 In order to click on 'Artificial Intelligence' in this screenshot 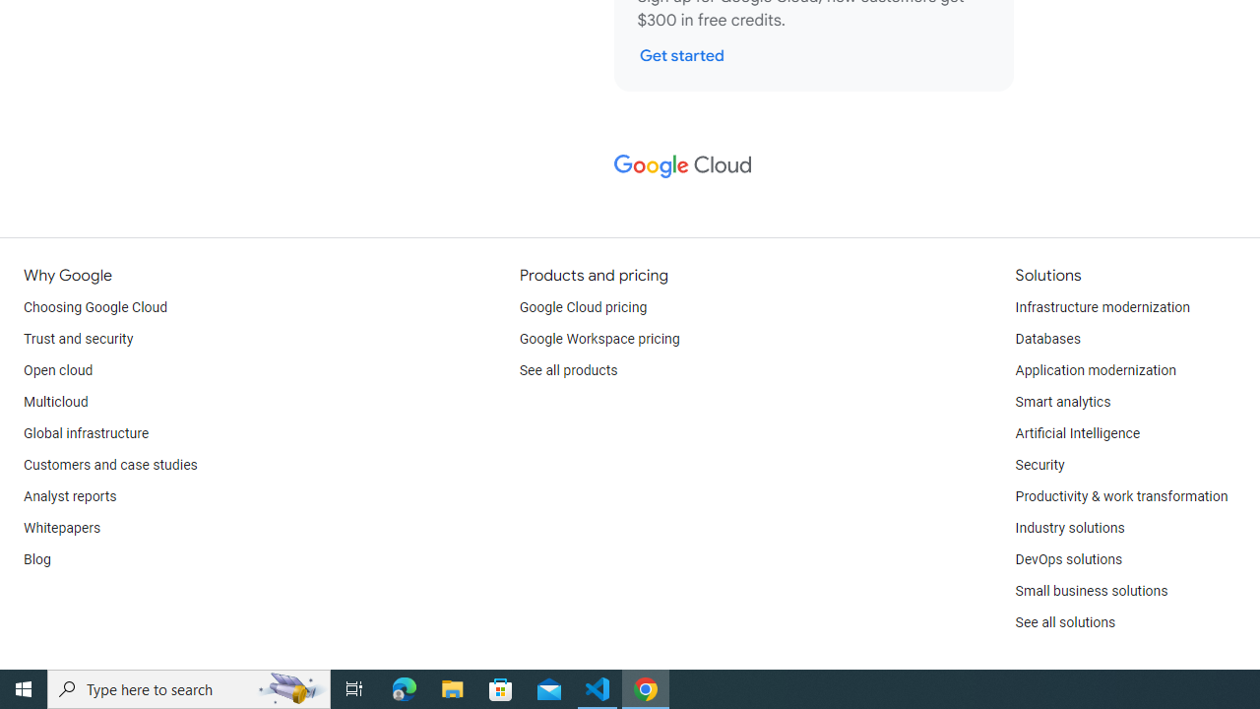, I will do `click(1076, 433)`.